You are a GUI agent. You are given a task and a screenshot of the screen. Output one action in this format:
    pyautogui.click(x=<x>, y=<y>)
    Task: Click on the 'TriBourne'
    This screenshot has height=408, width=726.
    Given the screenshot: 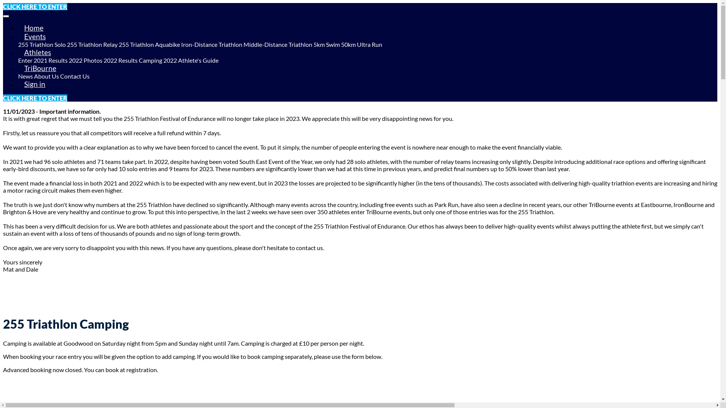 What is the action you would take?
    pyautogui.click(x=40, y=68)
    